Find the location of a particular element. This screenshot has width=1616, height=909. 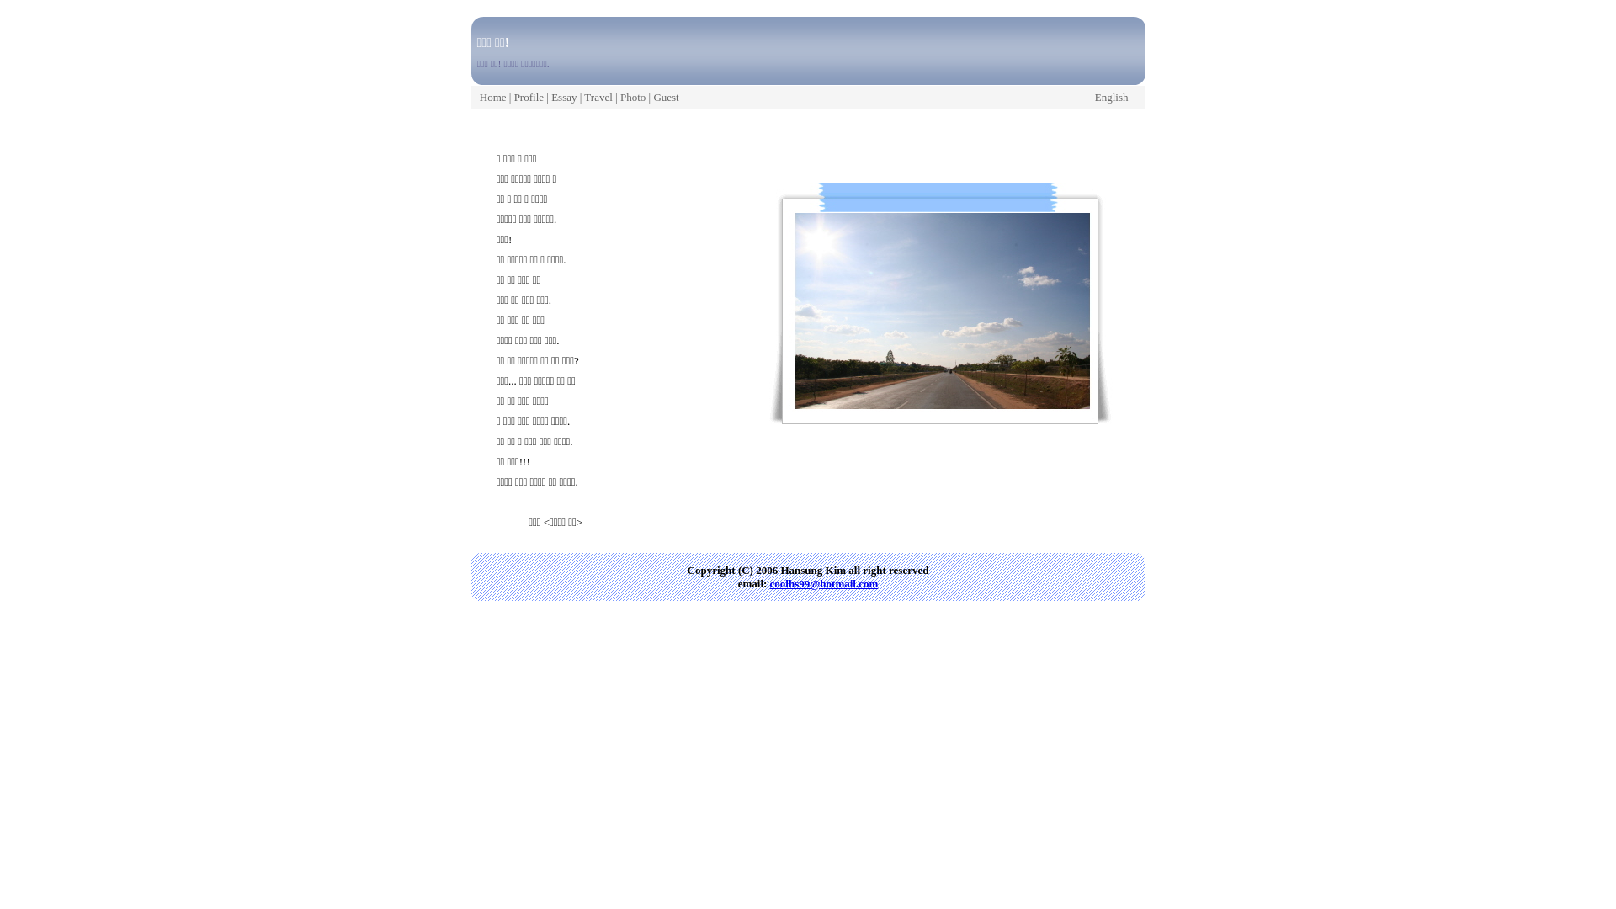

'Travel' is located at coordinates (598, 97).